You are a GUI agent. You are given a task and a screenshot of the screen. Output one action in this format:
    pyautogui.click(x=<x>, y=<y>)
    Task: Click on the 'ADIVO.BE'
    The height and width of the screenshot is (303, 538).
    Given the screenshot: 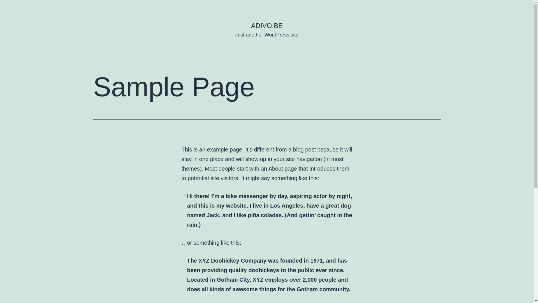 What is the action you would take?
    pyautogui.click(x=266, y=26)
    